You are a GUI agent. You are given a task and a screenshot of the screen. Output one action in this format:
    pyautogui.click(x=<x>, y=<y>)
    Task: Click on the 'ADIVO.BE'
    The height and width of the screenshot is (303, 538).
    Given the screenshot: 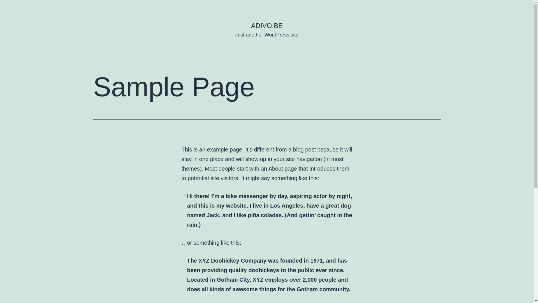 What is the action you would take?
    pyautogui.click(x=266, y=26)
    